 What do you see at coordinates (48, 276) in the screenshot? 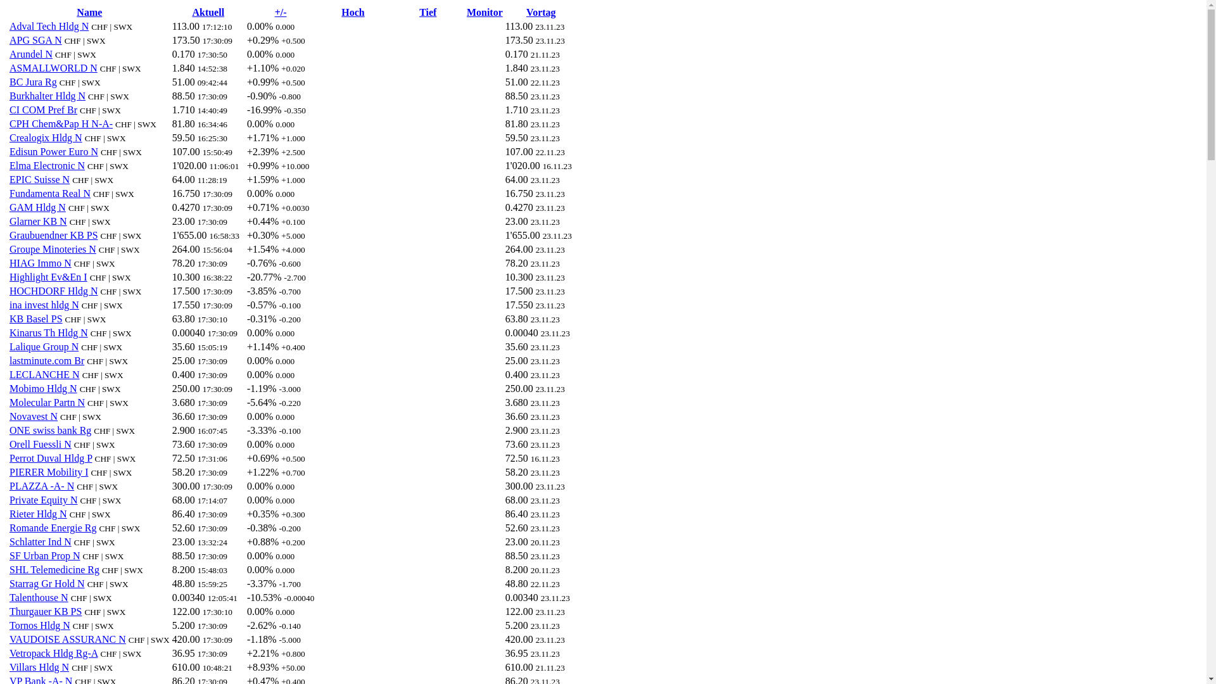
I see `'Highlight Ev&En I'` at bounding box center [48, 276].